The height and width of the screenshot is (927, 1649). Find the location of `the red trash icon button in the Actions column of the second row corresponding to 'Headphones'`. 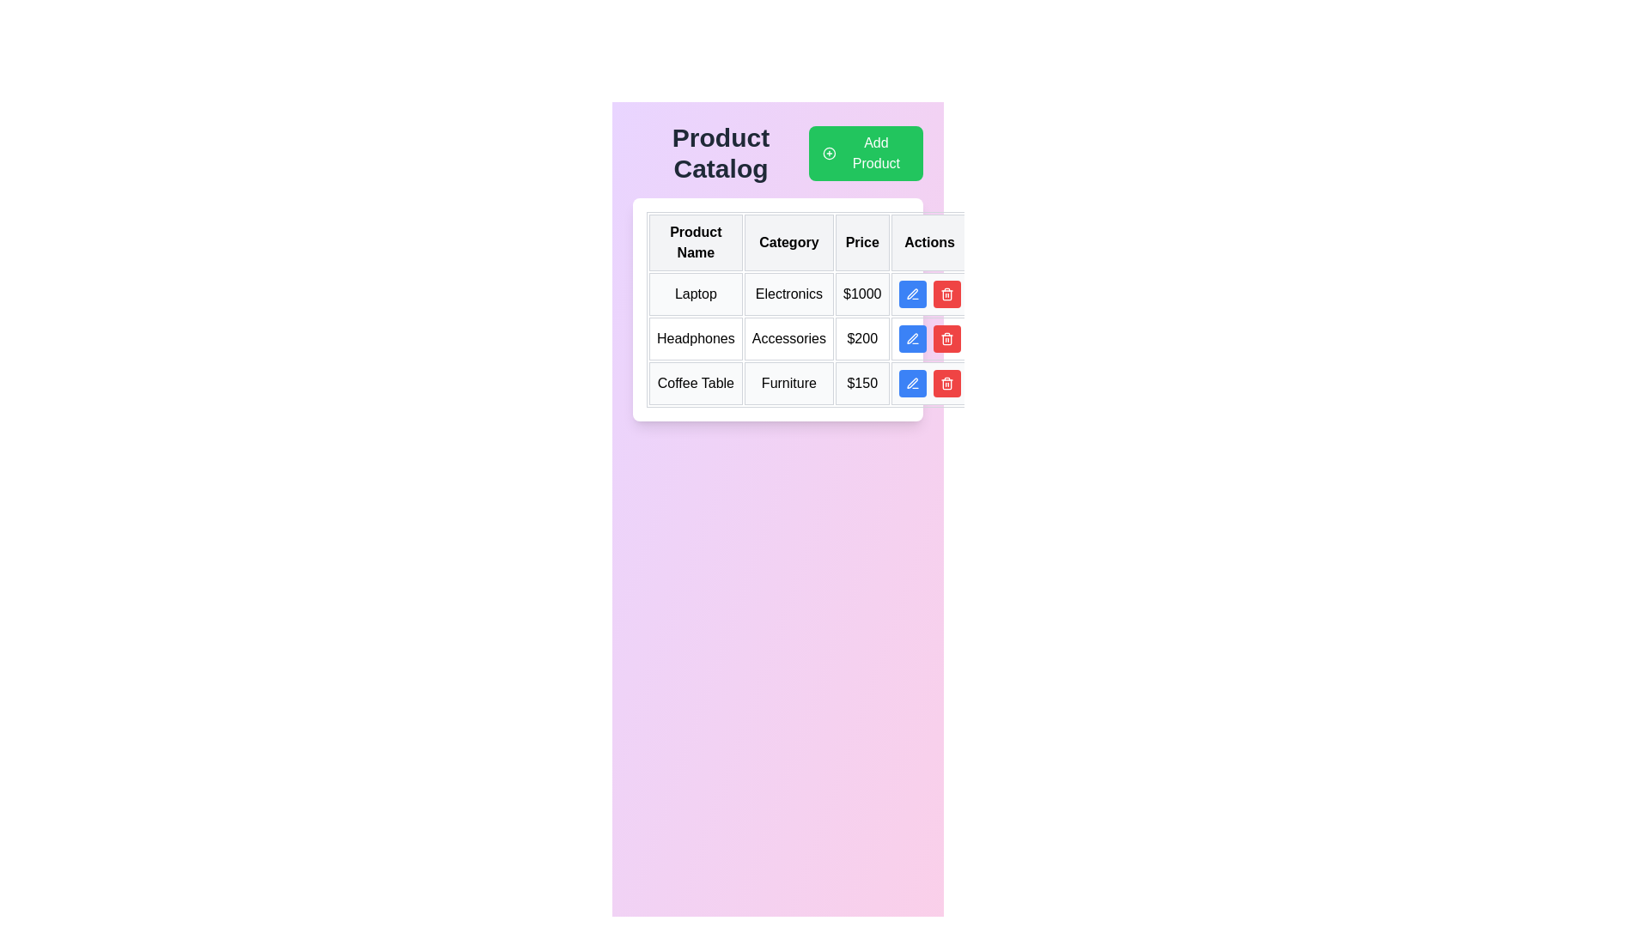

the red trash icon button in the Actions column of the second row corresponding to 'Headphones' is located at coordinates (946, 340).